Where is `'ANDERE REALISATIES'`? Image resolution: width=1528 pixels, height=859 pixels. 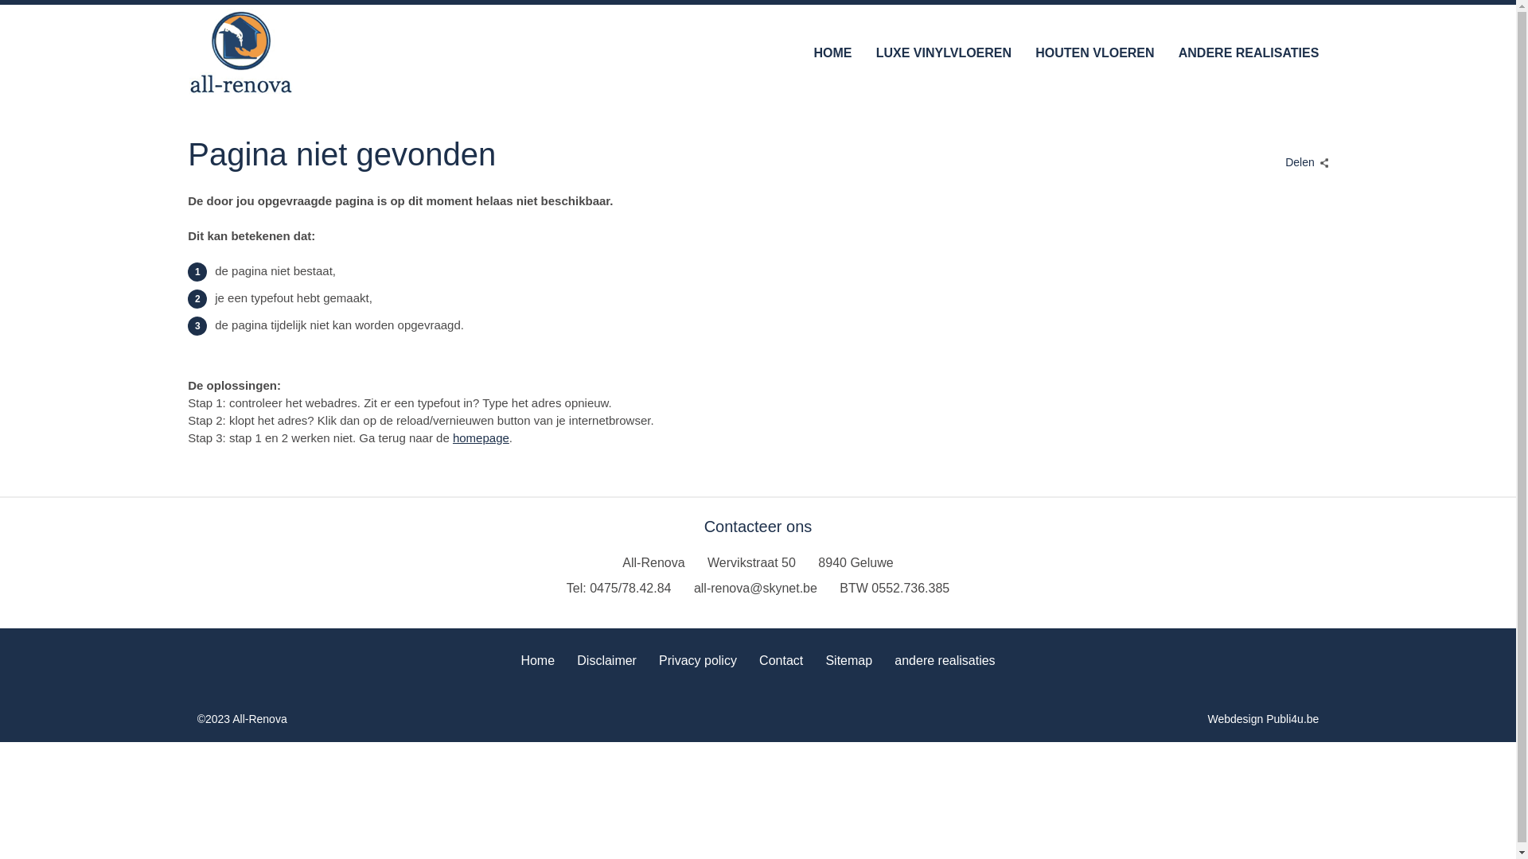 'ANDERE REALISATIES' is located at coordinates (1179, 51).